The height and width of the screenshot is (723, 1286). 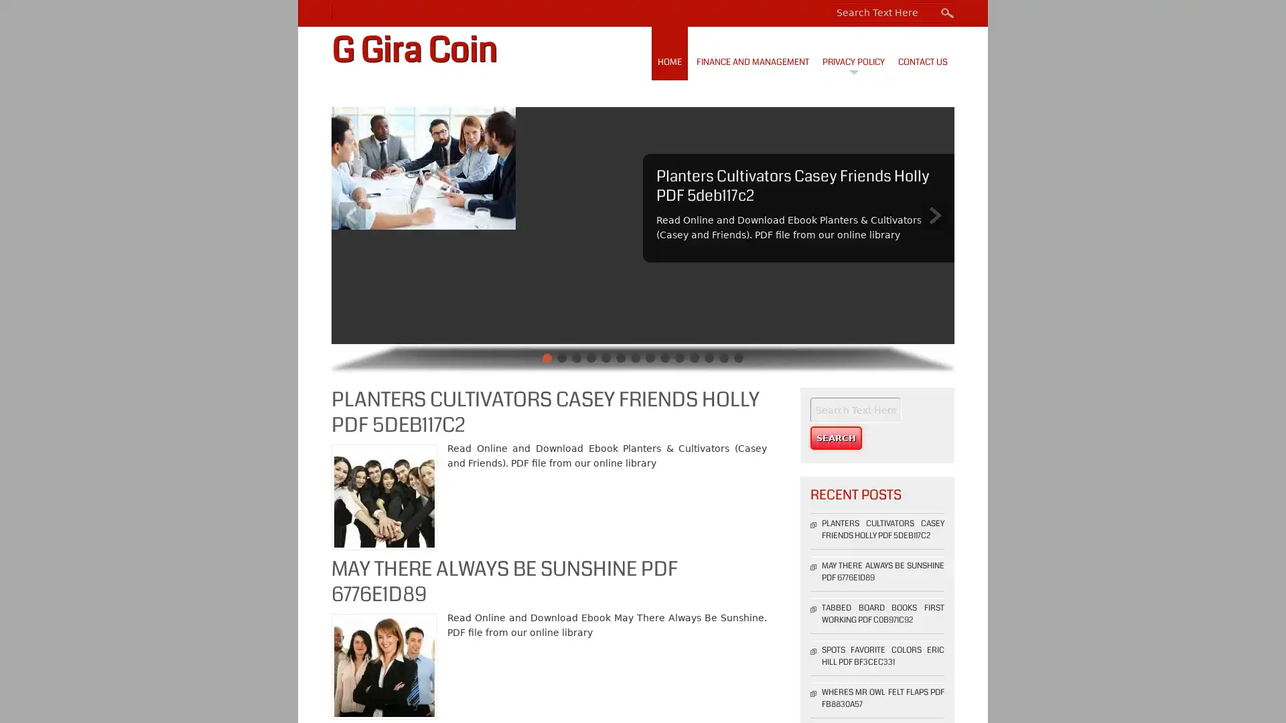 What do you see at coordinates (835, 438) in the screenshot?
I see `Search` at bounding box center [835, 438].